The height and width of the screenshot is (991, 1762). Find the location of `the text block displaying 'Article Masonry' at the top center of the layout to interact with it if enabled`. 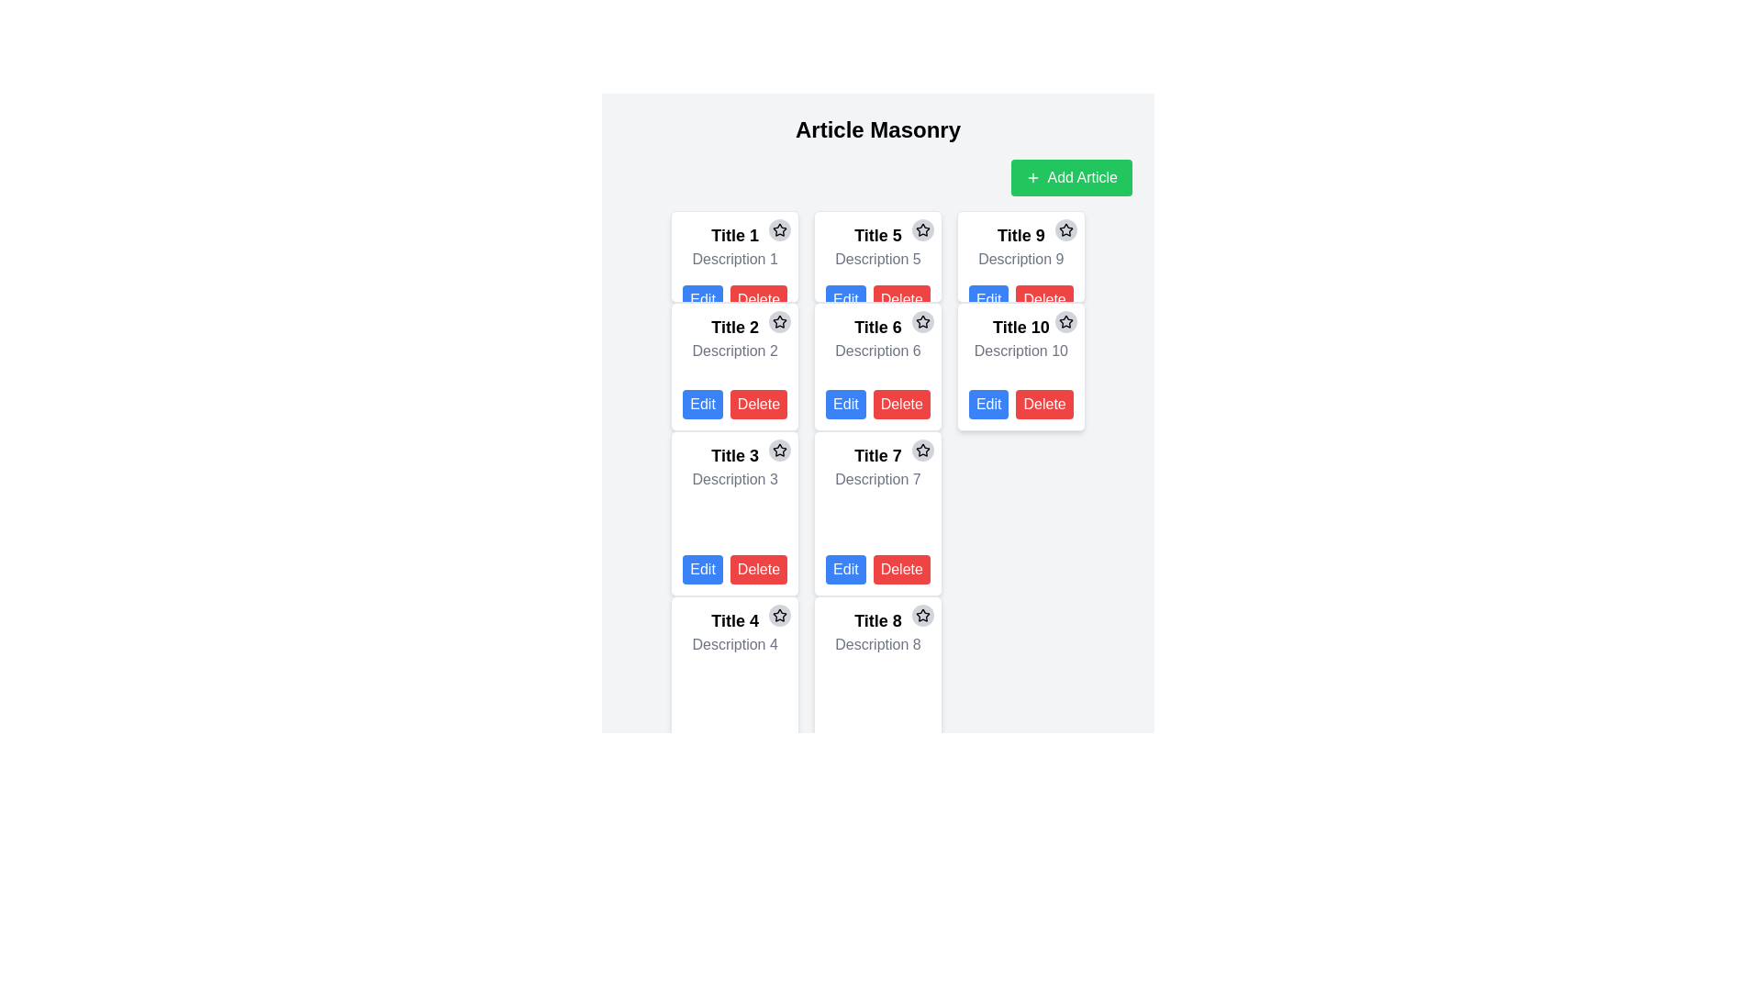

the text block displaying 'Article Masonry' at the top center of the layout to interact with it if enabled is located at coordinates (876, 137).